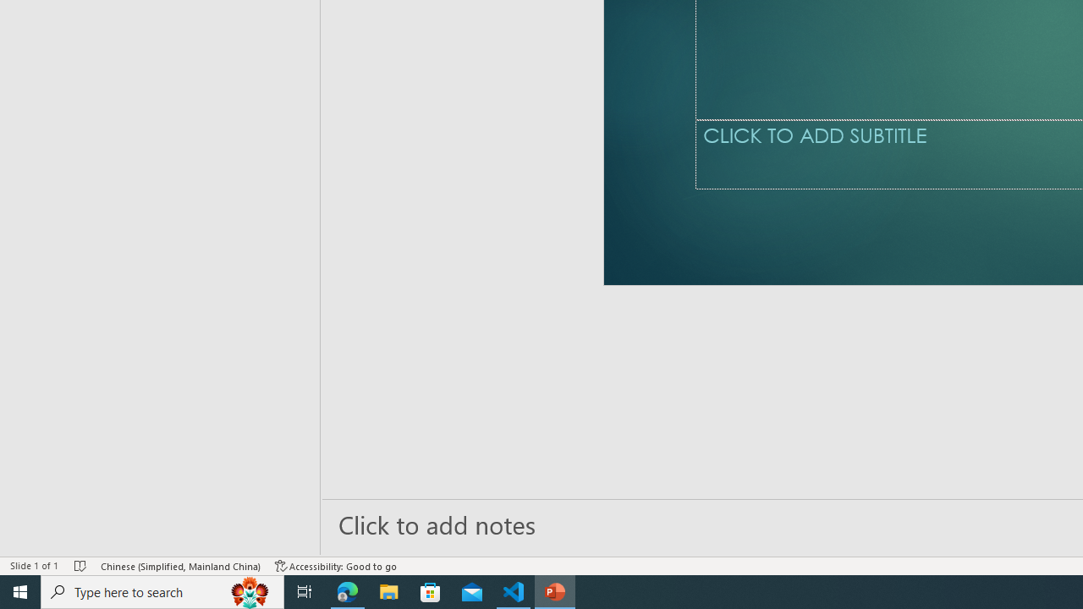  Describe the element at coordinates (336, 566) in the screenshot. I see `'Accessibility Checker Accessibility: Good to go'` at that location.